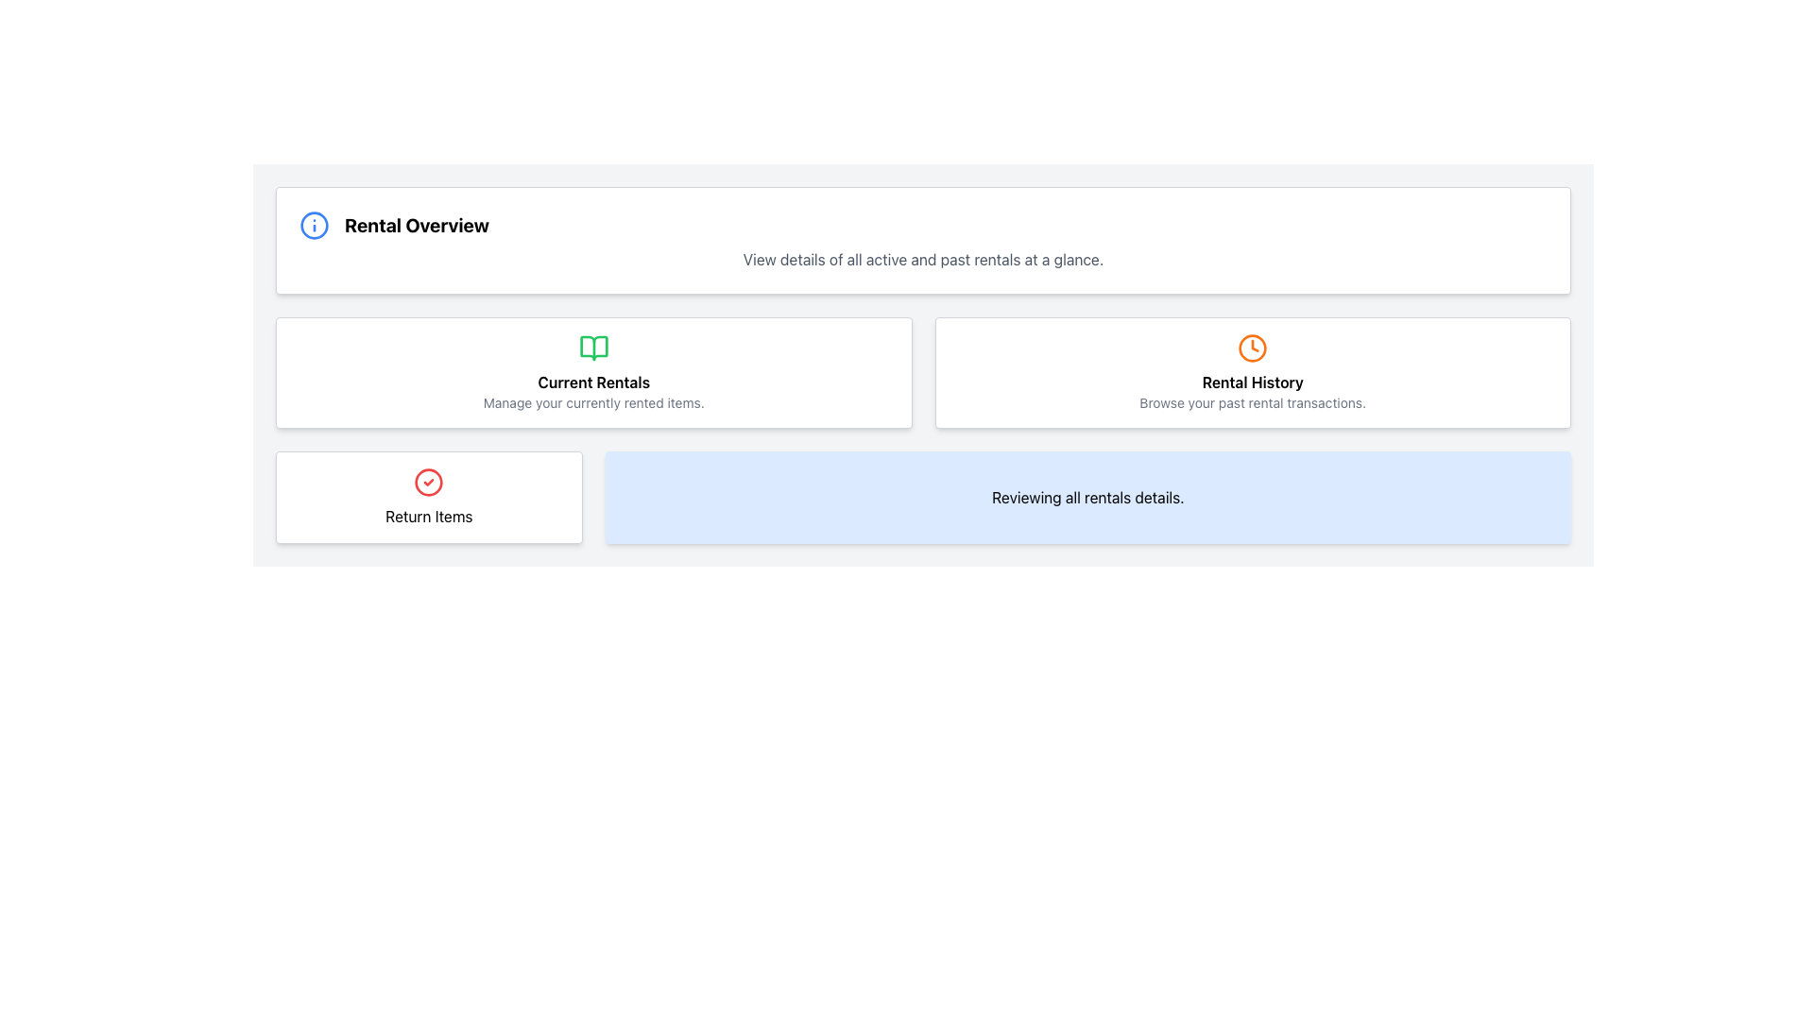 The image size is (1814, 1020). I want to click on the Interactive card that provides access to historical rental transactions, located in the second row and third from the left in the grid layout, so click(1253, 372).